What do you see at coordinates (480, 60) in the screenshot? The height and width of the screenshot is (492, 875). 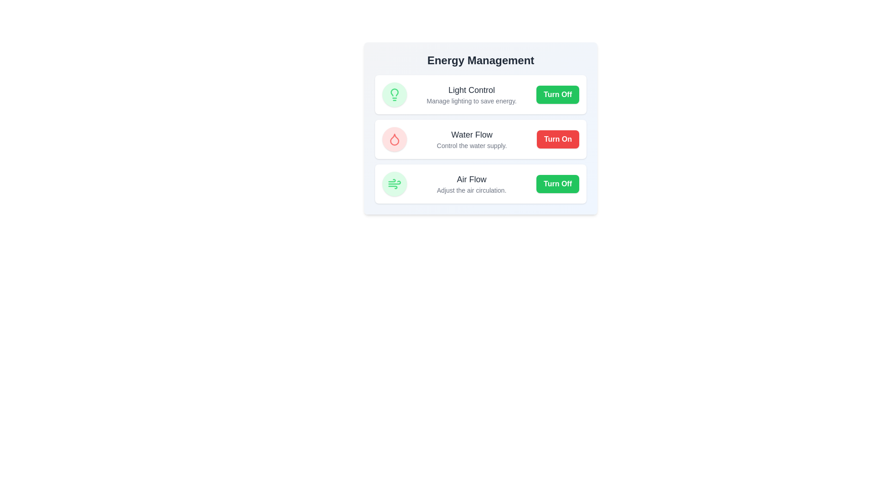 I see `the bold, centered heading text 'Energy Management' which is styled in dark gray and located at the top of the card layout` at bounding box center [480, 60].